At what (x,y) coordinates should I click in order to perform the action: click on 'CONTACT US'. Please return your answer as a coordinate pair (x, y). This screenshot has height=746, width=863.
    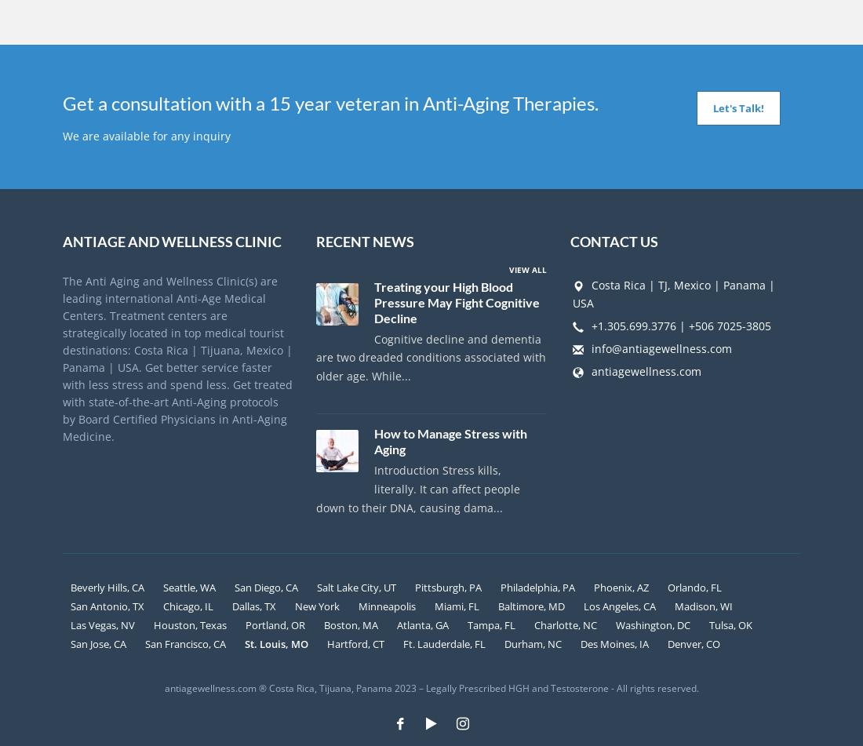
    Looking at the image, I should click on (613, 240).